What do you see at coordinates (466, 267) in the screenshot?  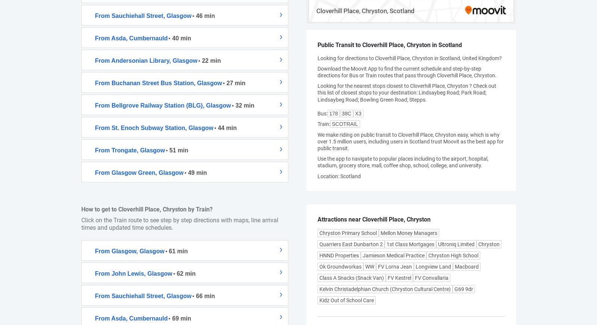 I see `'Macboard'` at bounding box center [466, 267].